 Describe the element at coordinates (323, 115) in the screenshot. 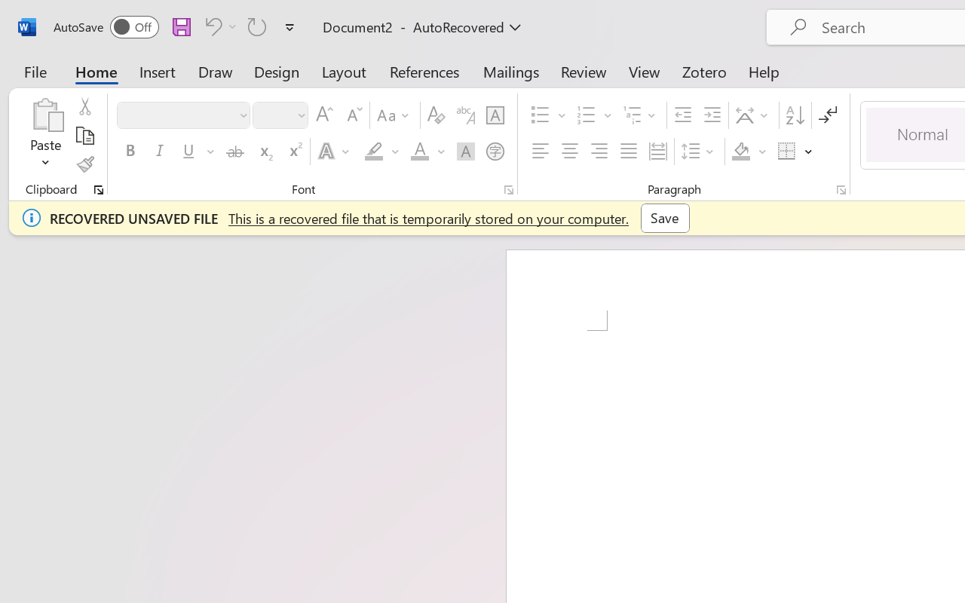

I see `'Grow Font'` at that location.